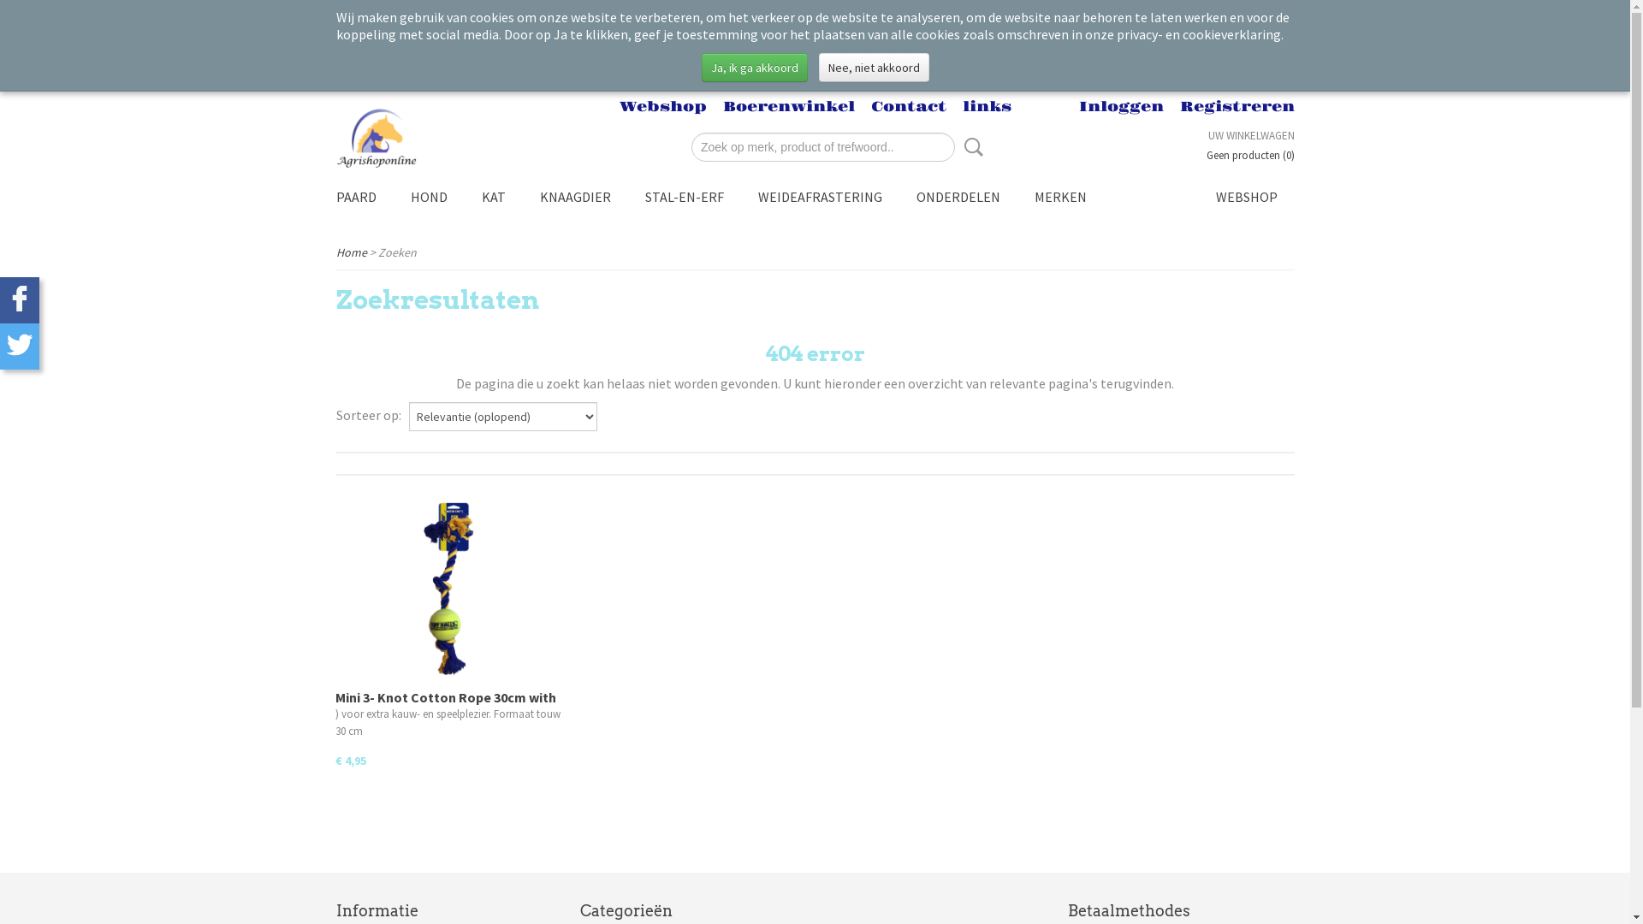  Describe the element at coordinates (20, 346) in the screenshot. I see `'Deel deze pagina op Twitter'` at that location.